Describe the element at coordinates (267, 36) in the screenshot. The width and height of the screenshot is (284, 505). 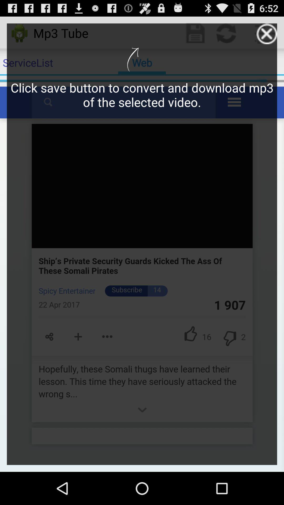
I see `the close icon` at that location.